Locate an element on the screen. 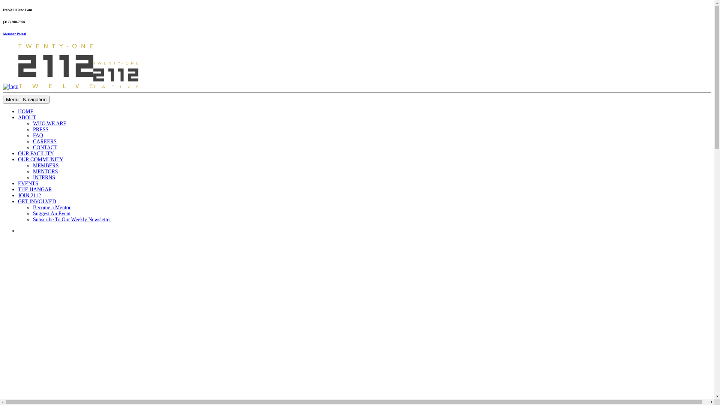 The image size is (720, 405). 'OUR FACILITY' is located at coordinates (36, 153).